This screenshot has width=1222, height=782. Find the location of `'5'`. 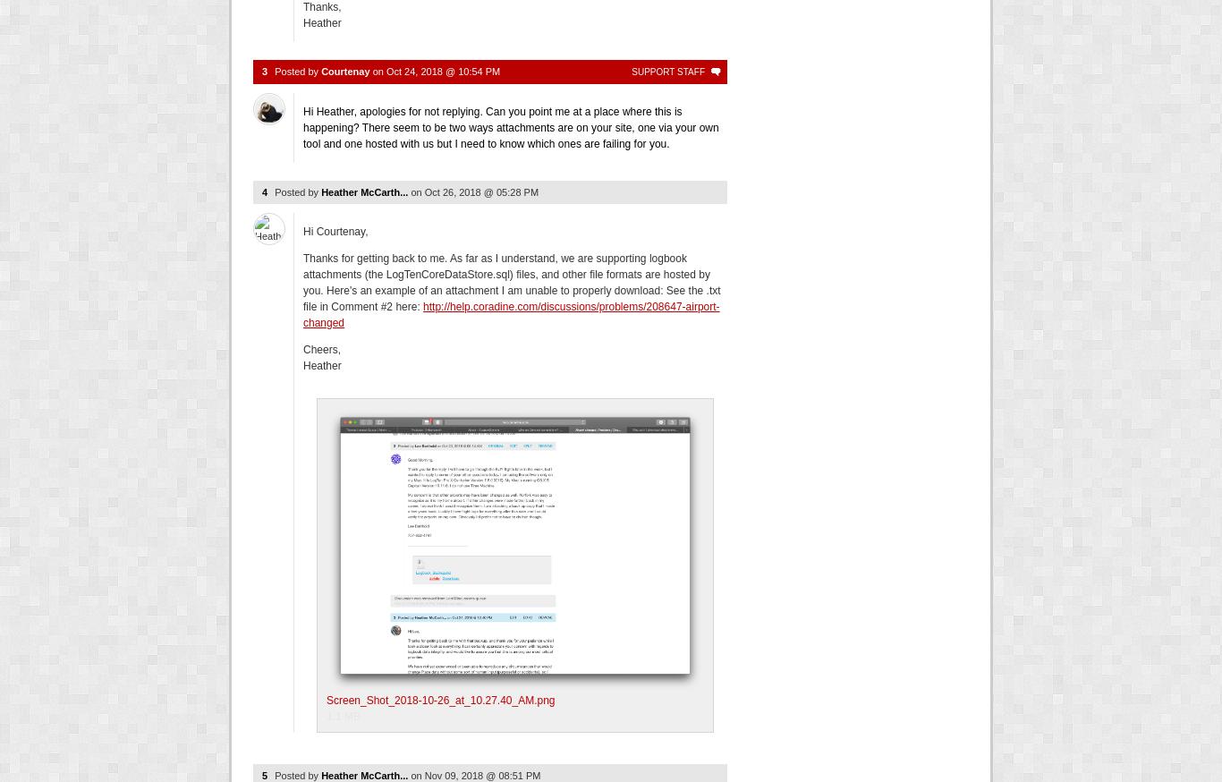

'5' is located at coordinates (265, 774).